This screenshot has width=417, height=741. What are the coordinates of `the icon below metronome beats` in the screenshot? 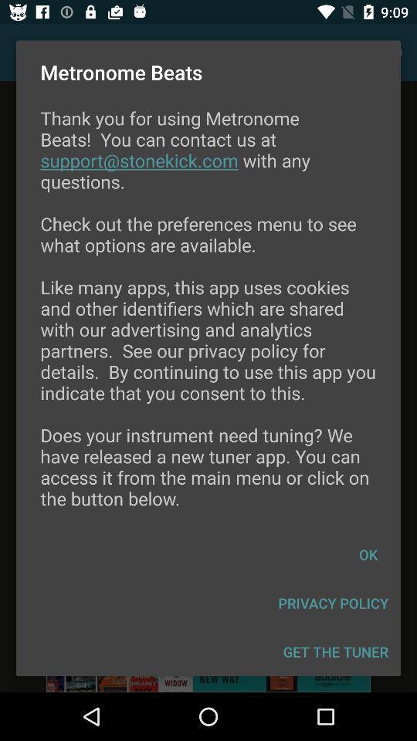 It's located at (208, 317).